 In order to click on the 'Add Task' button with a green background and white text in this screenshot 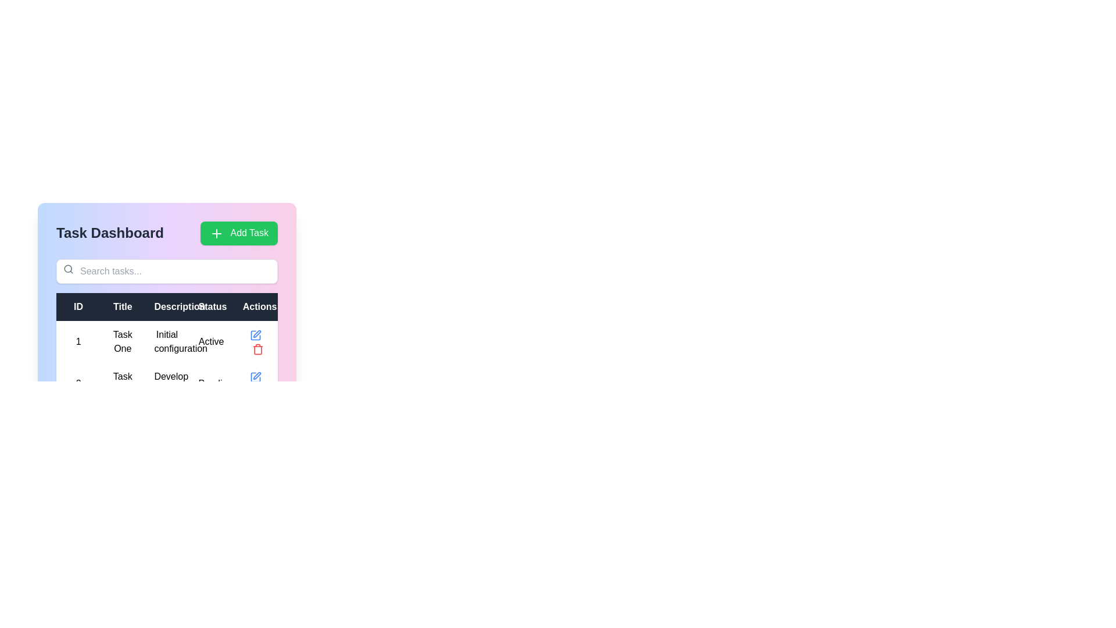, I will do `click(238, 233)`.